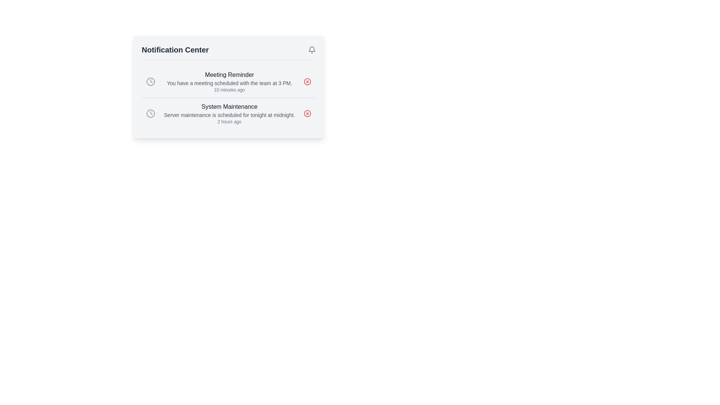 The image size is (720, 405). What do you see at coordinates (229, 107) in the screenshot?
I see `text of the second notification title in the 'Notification Center', located just below the 'Meeting Reminder' notification` at bounding box center [229, 107].